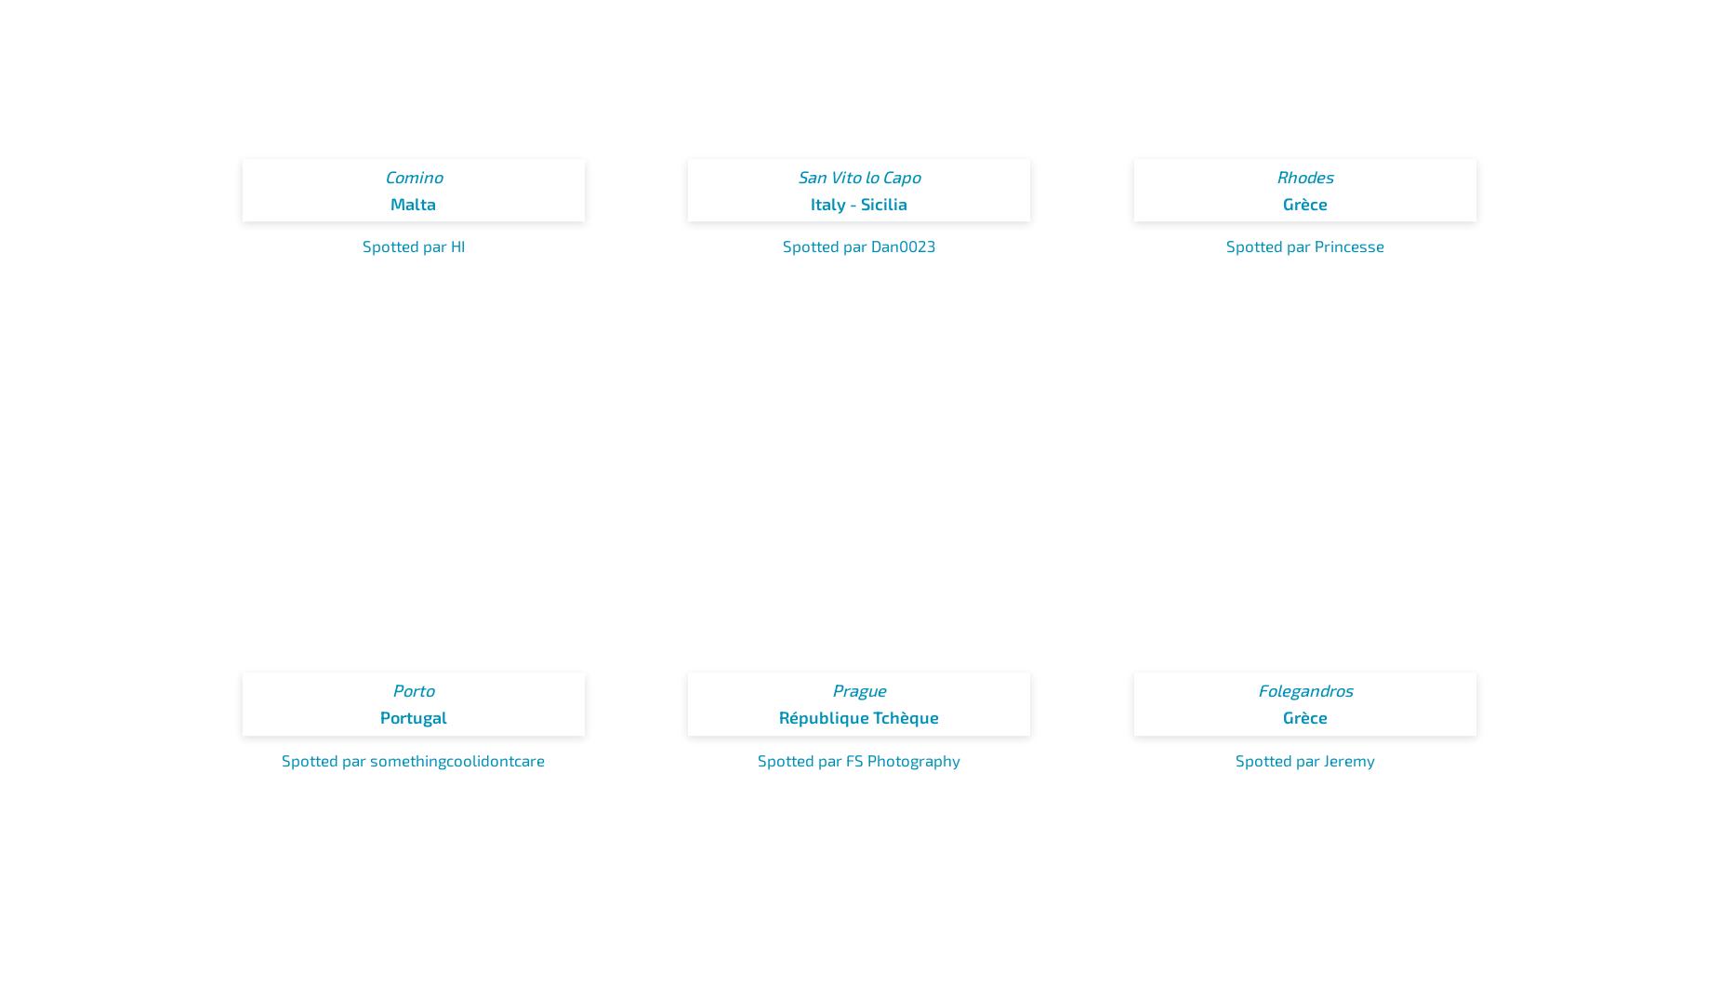  What do you see at coordinates (1304, 759) in the screenshot?
I see `'Spotted par Jeremy'` at bounding box center [1304, 759].